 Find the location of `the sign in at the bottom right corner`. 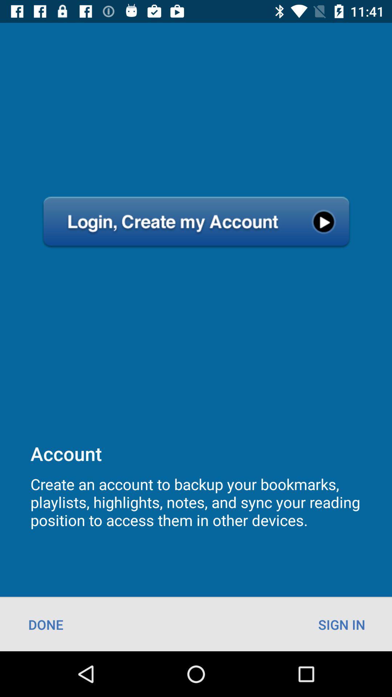

the sign in at the bottom right corner is located at coordinates (342, 624).